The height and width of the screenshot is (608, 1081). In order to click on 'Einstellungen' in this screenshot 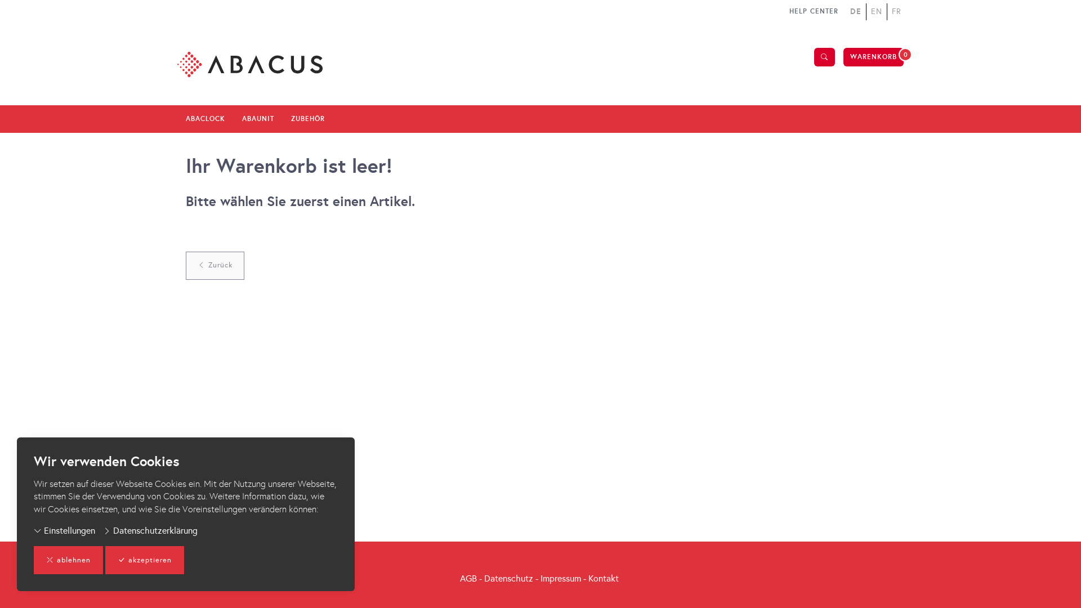, I will do `click(64, 531)`.